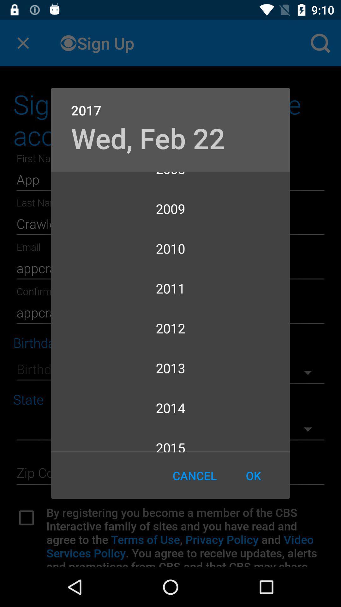 This screenshot has width=341, height=607. I want to click on the icon above wed, feb 22 icon, so click(170, 103).